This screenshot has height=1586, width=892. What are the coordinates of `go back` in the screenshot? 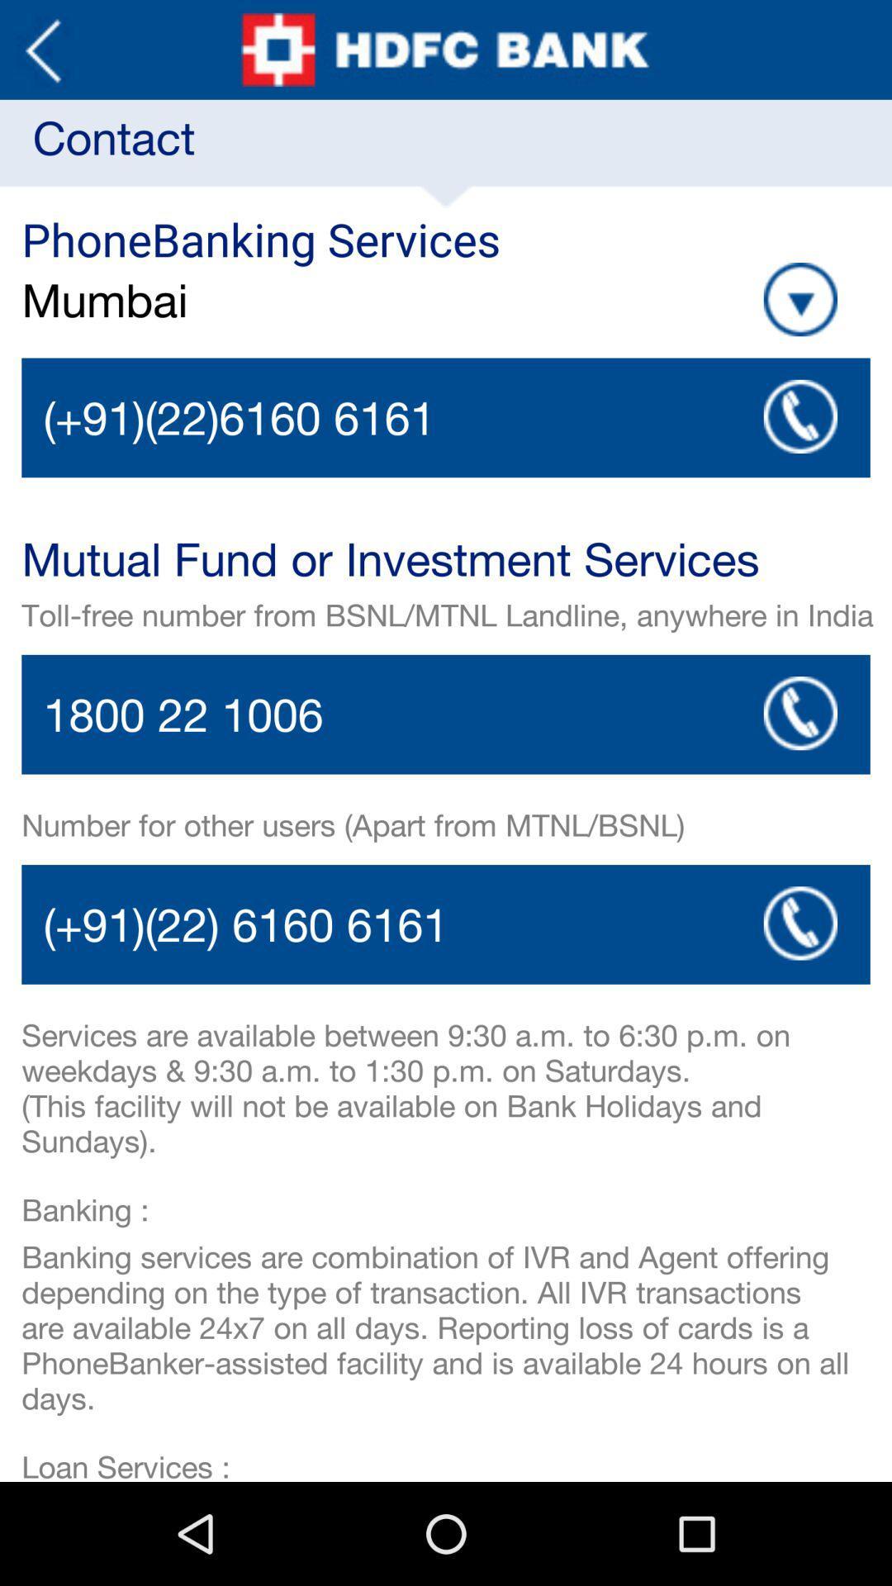 It's located at (42, 50).